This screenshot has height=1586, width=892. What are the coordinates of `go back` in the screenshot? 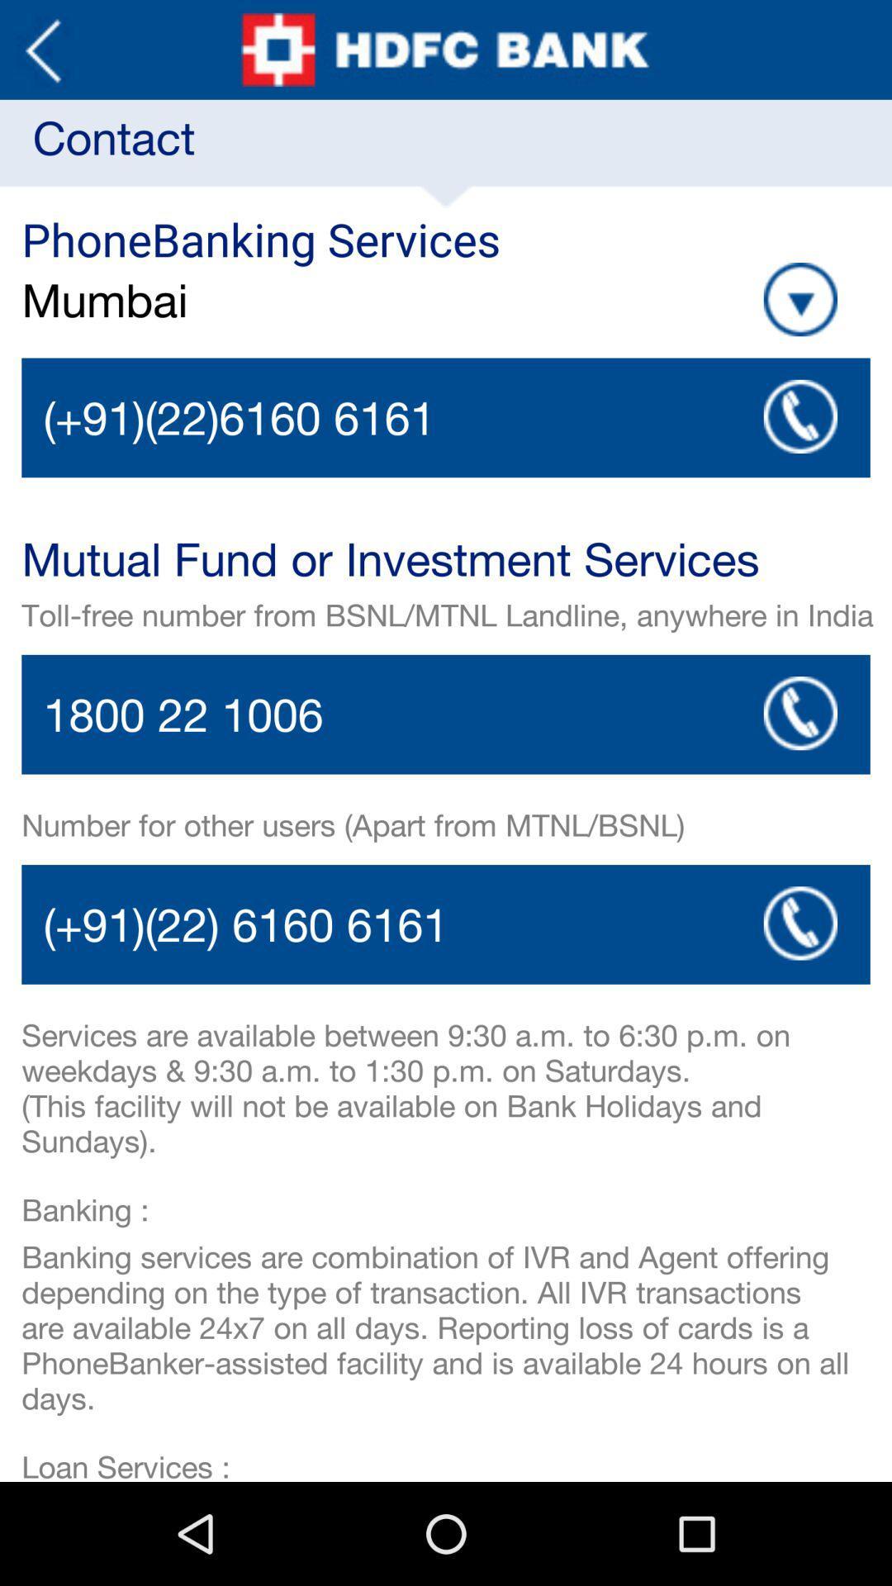 It's located at (42, 50).